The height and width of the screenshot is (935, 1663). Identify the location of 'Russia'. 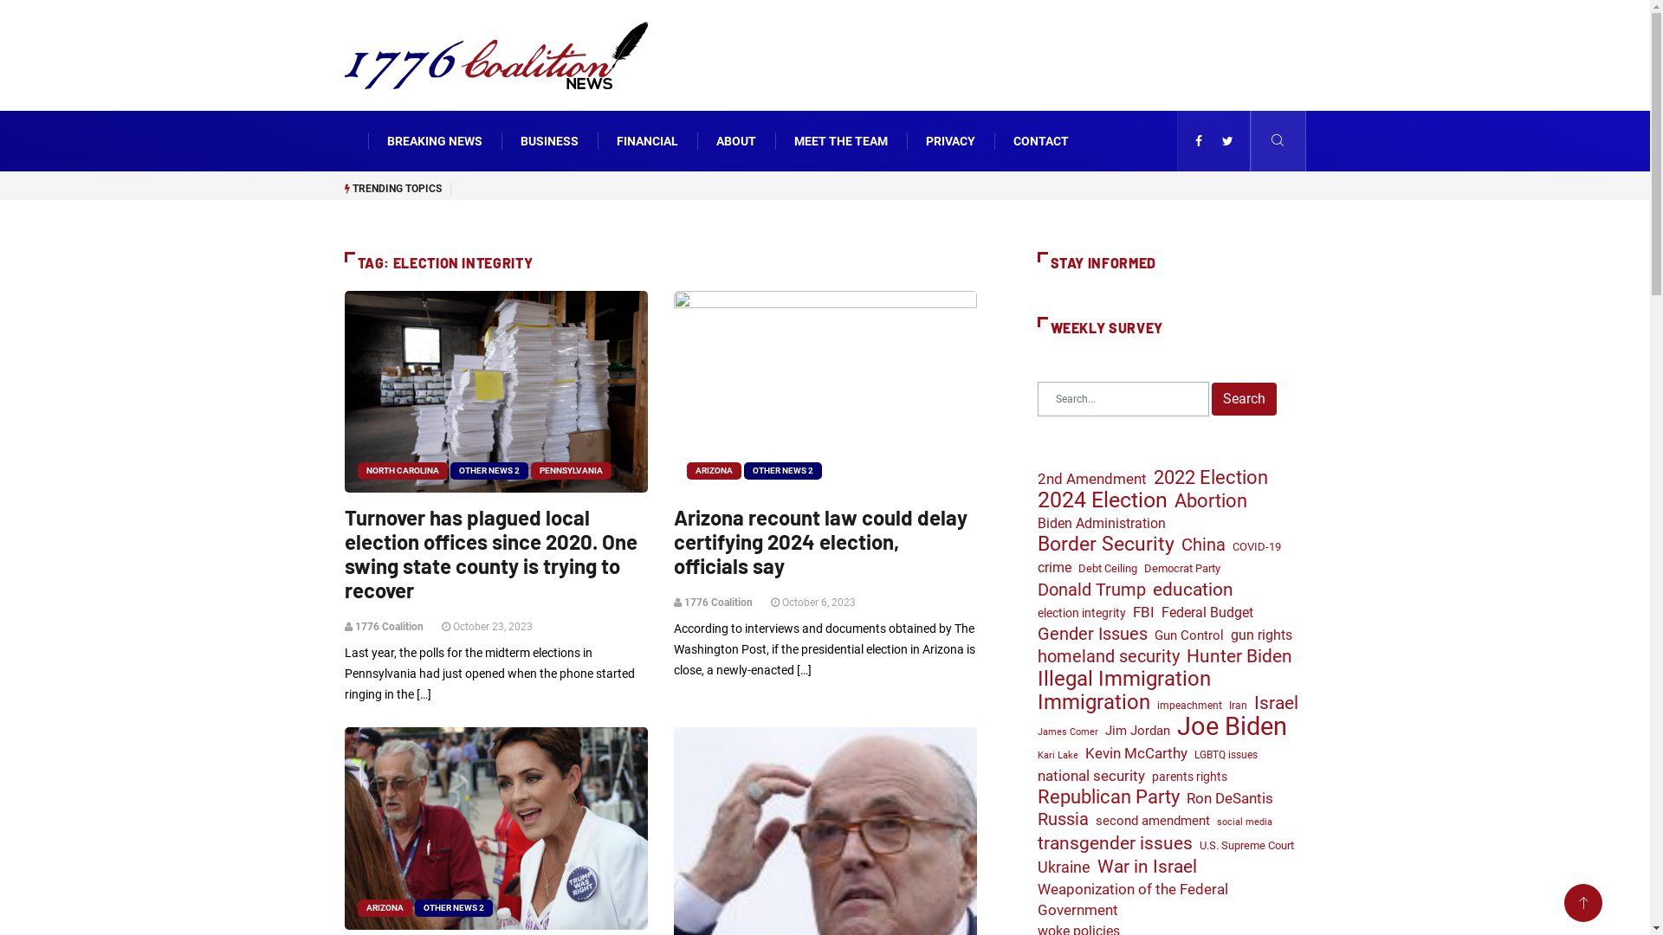
(1038, 819).